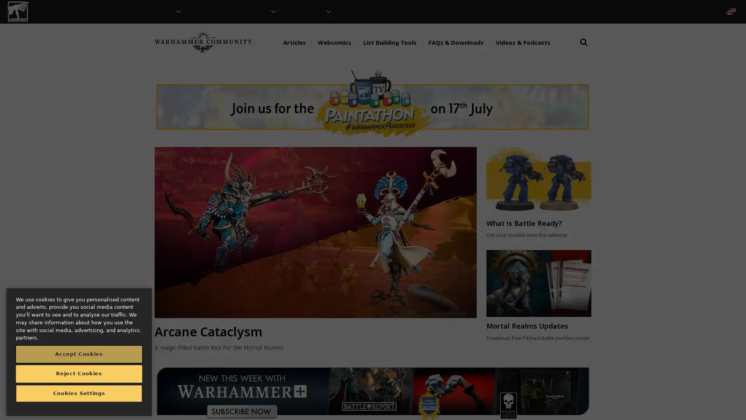 This screenshot has height=420, width=746. What do you see at coordinates (79, 393) in the screenshot?
I see `Cookies Settings` at bounding box center [79, 393].